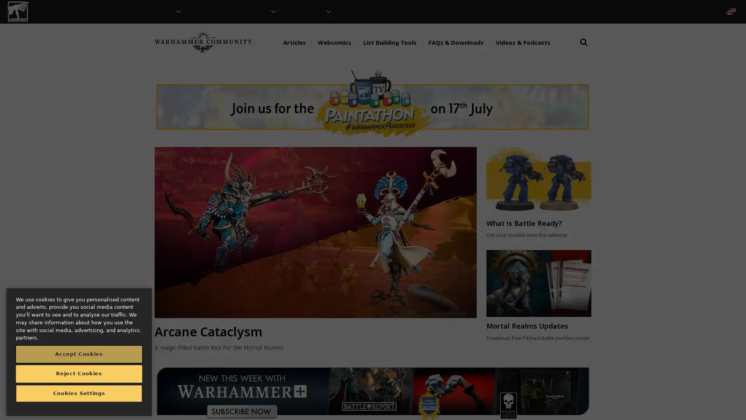 This screenshot has height=420, width=746. What do you see at coordinates (79, 393) in the screenshot?
I see `Cookies Settings` at bounding box center [79, 393].